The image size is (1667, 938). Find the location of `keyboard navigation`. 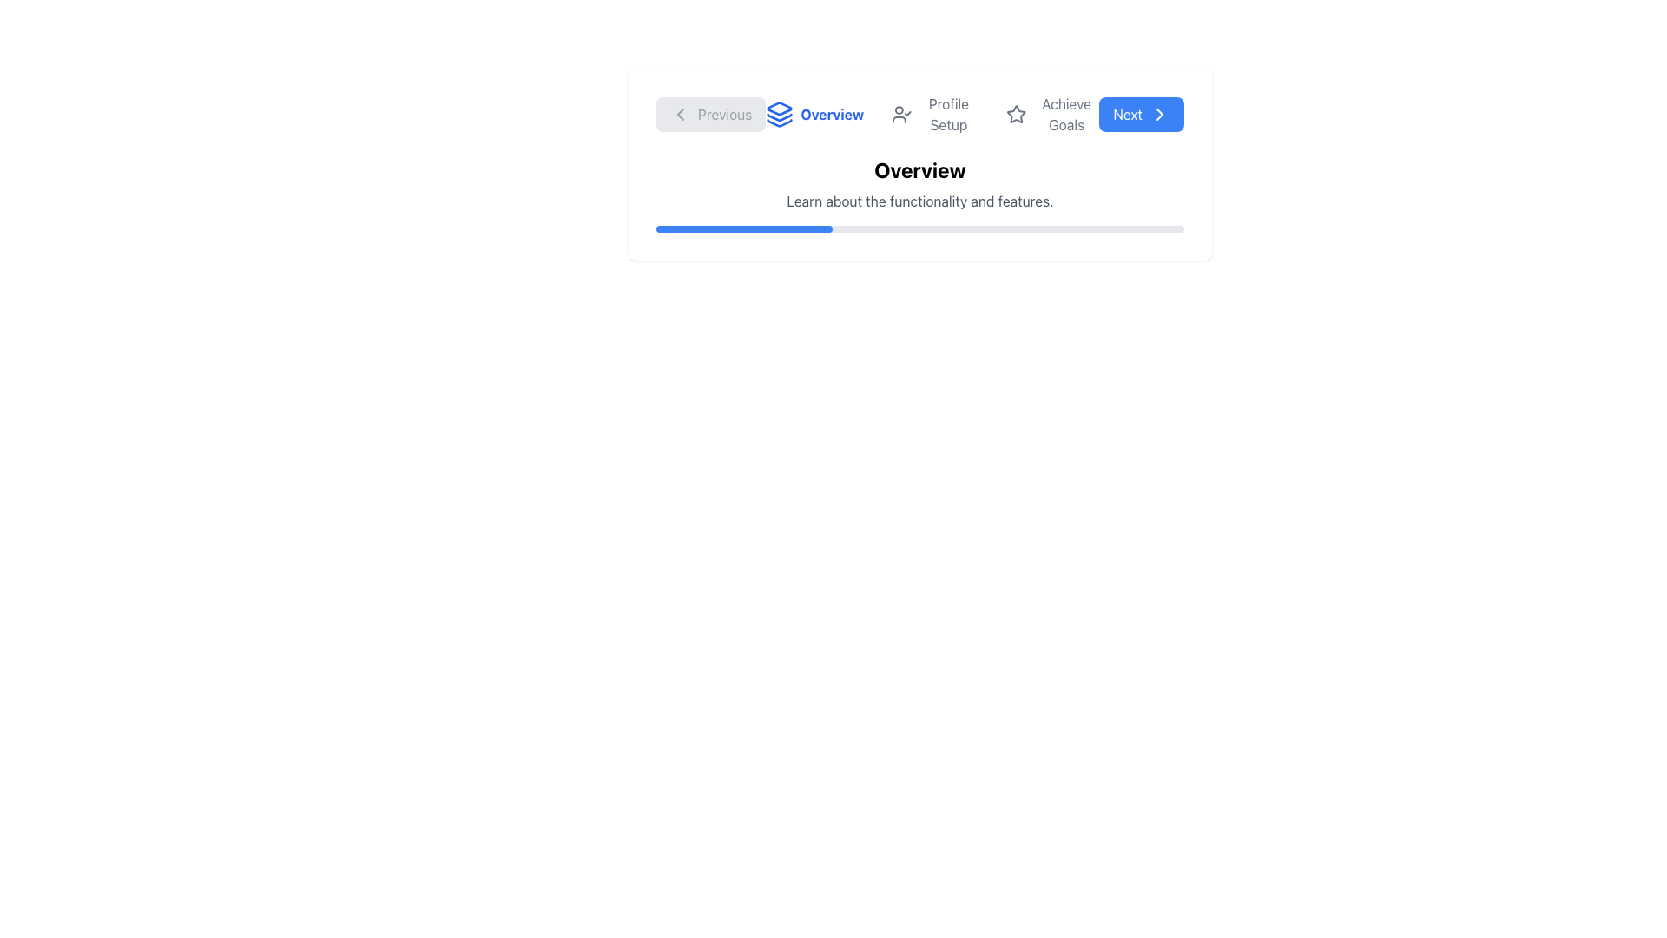

keyboard navigation is located at coordinates (919, 114).